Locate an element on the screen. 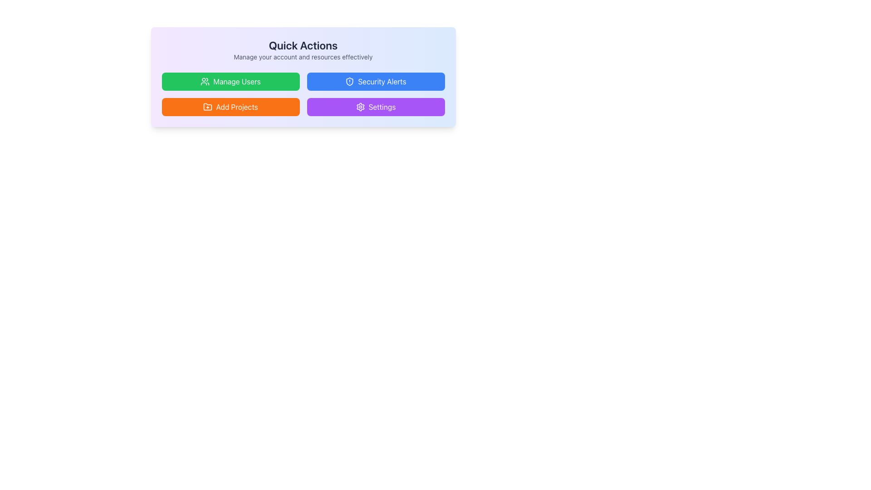 Image resolution: width=871 pixels, height=490 pixels. the Grid of Buttons located in the middle of the card with a light gradient background is located at coordinates (303, 94).